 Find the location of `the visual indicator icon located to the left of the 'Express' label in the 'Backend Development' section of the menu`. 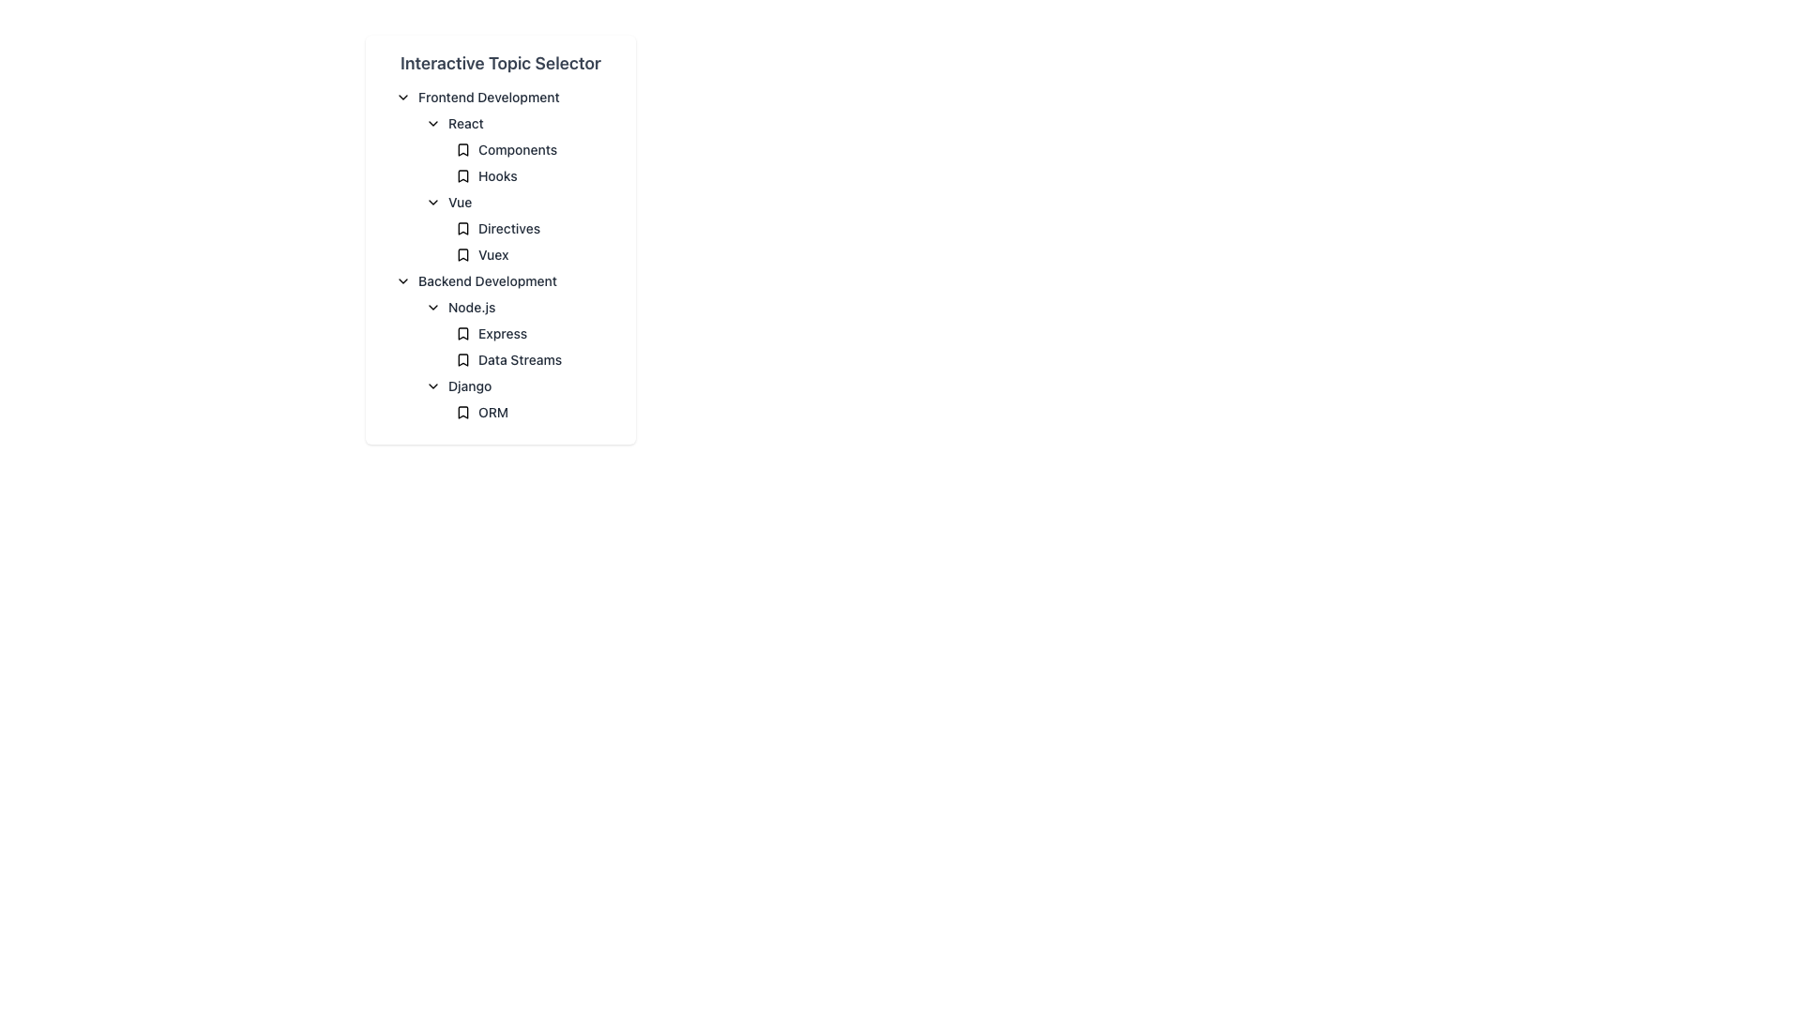

the visual indicator icon located to the left of the 'Express' label in the 'Backend Development' section of the menu is located at coordinates (463, 332).